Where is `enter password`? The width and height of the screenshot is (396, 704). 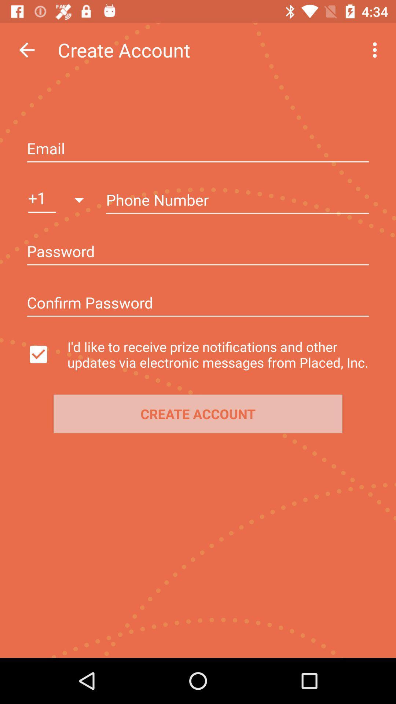
enter password is located at coordinates (198, 252).